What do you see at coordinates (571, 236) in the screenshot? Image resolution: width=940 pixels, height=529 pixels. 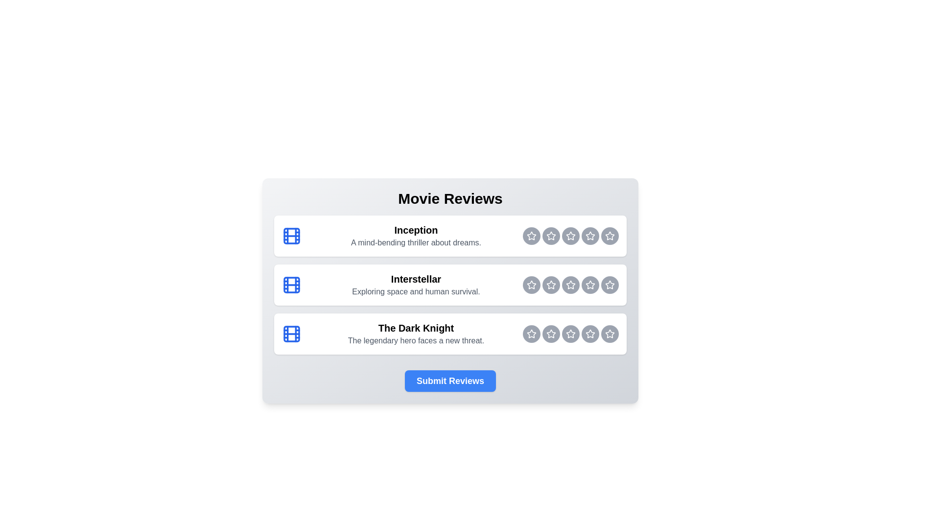 I see `the rating button for Inception at 3 stars` at bounding box center [571, 236].